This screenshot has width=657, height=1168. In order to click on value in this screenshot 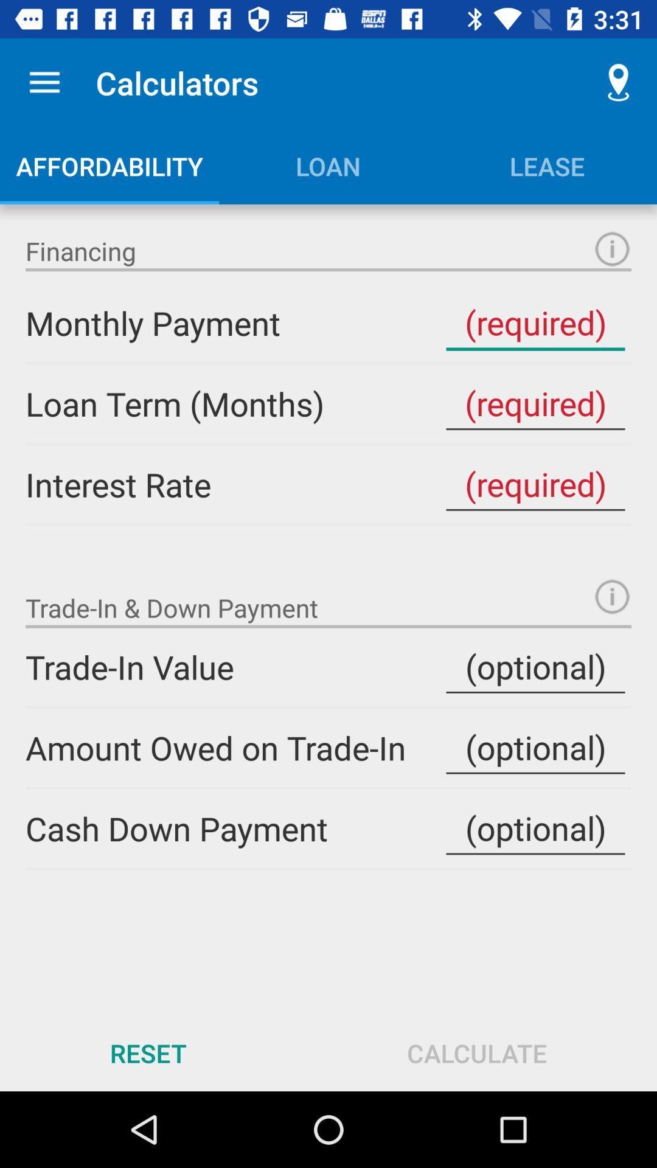, I will do `click(535, 484)`.